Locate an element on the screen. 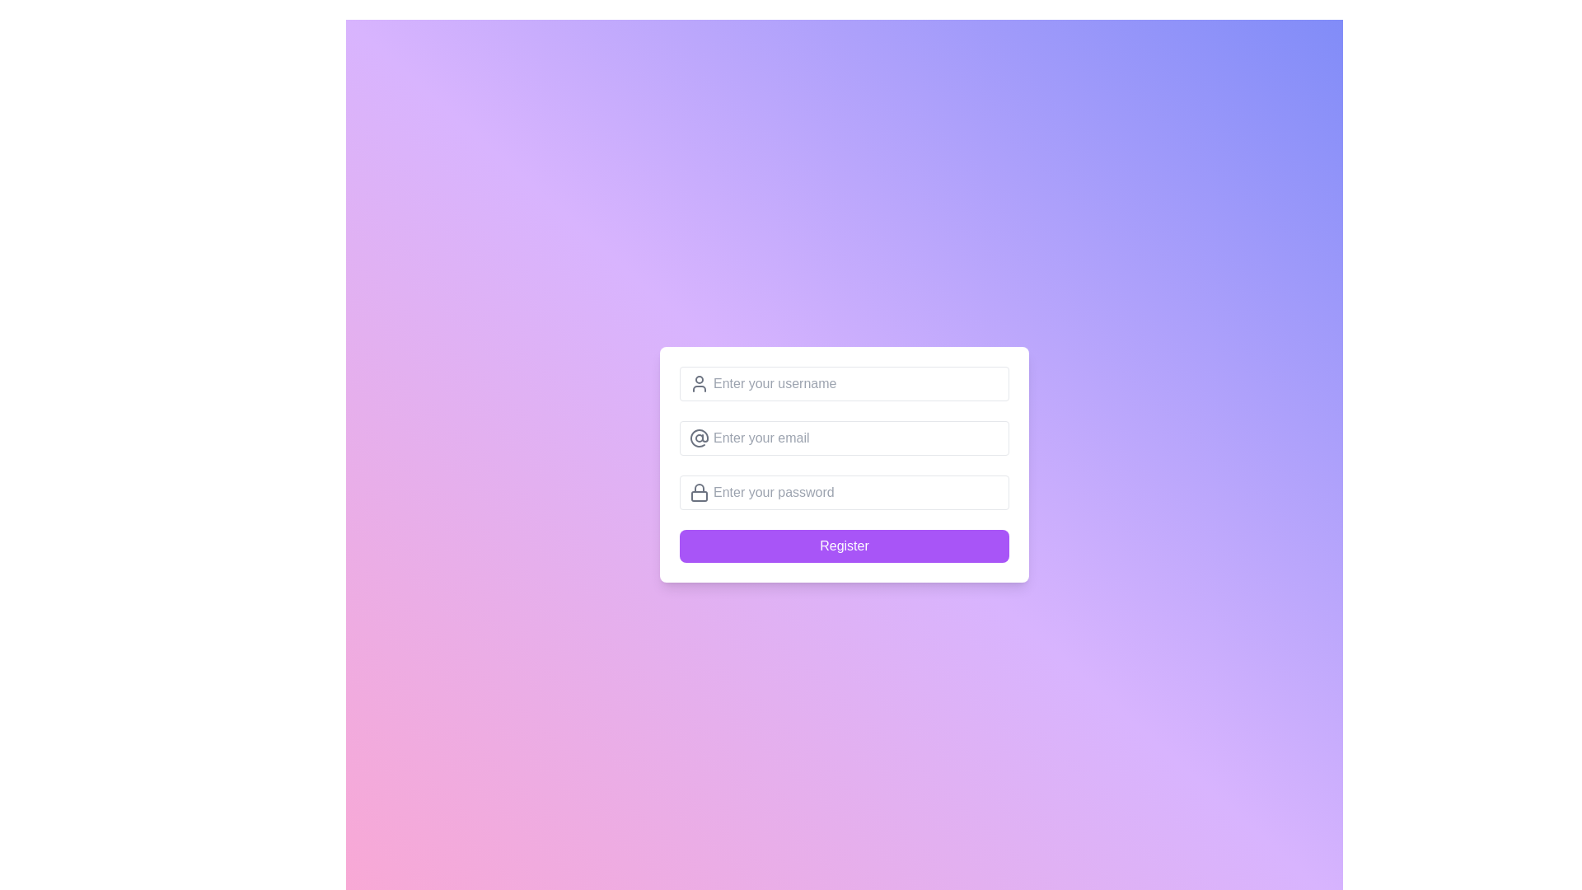  the input fields of the registration form is located at coordinates (845, 464).